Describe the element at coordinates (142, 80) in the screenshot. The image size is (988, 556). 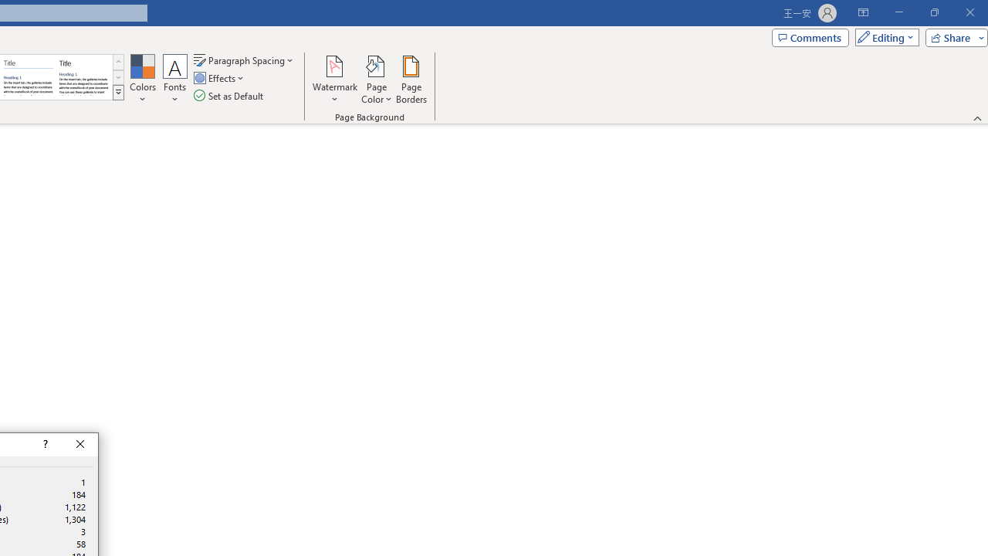
I see `'Colors'` at that location.